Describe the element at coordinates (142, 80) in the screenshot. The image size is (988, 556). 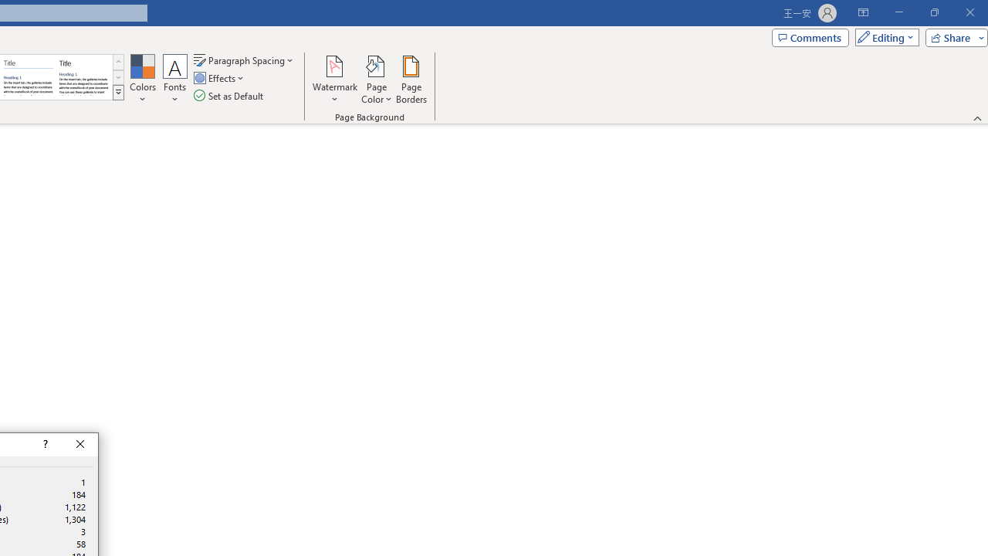
I see `'Colors'` at that location.